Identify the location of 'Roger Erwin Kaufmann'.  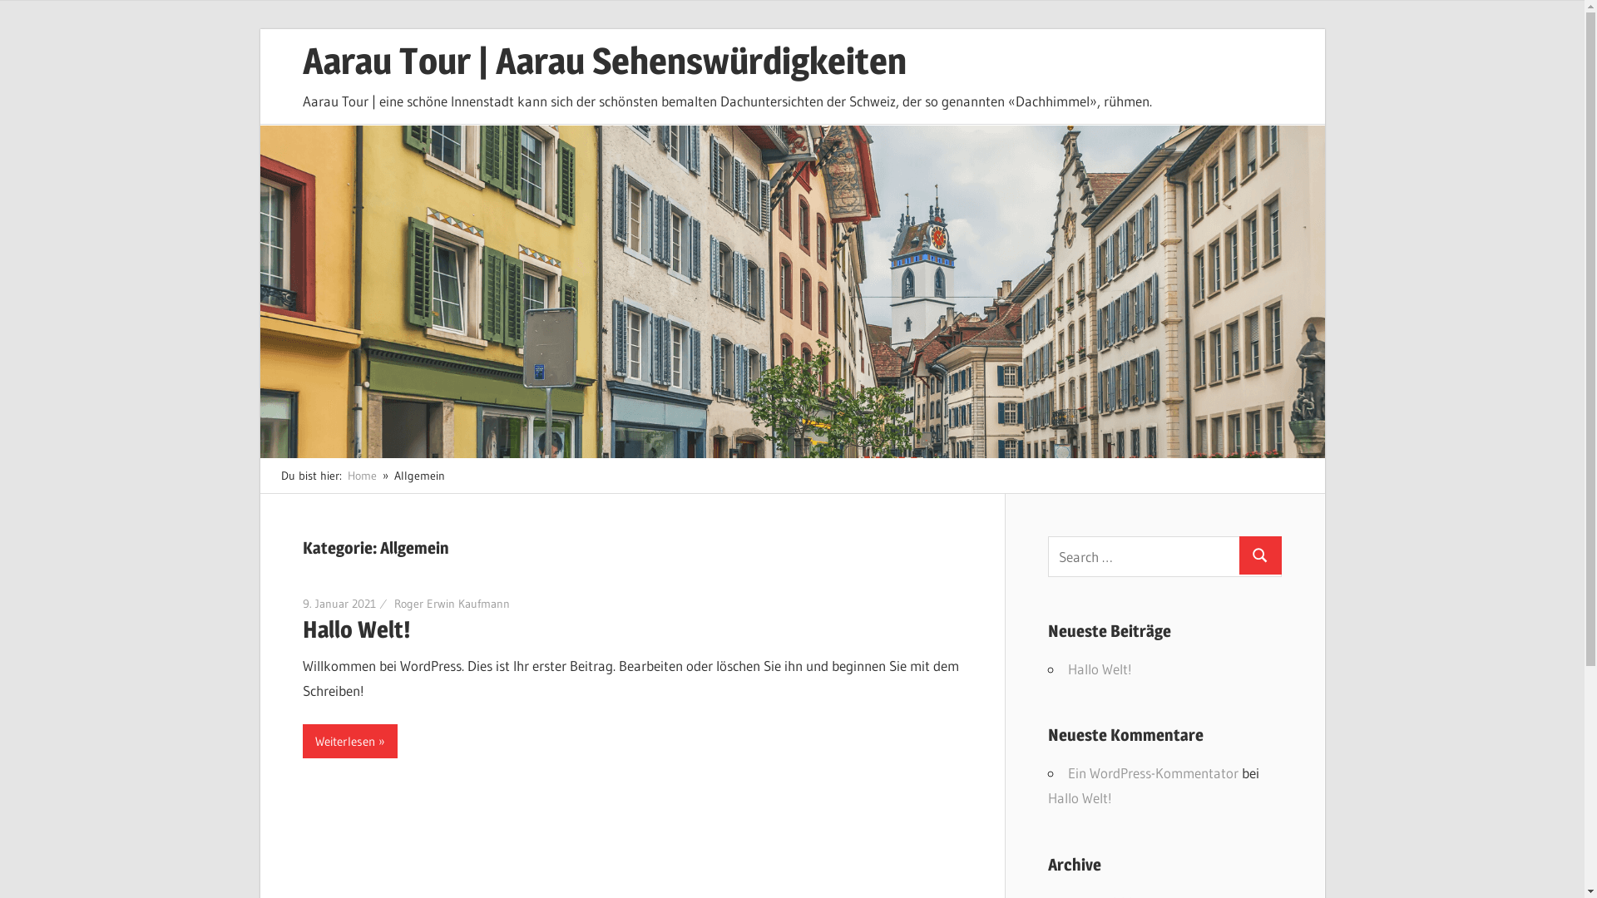
(452, 603).